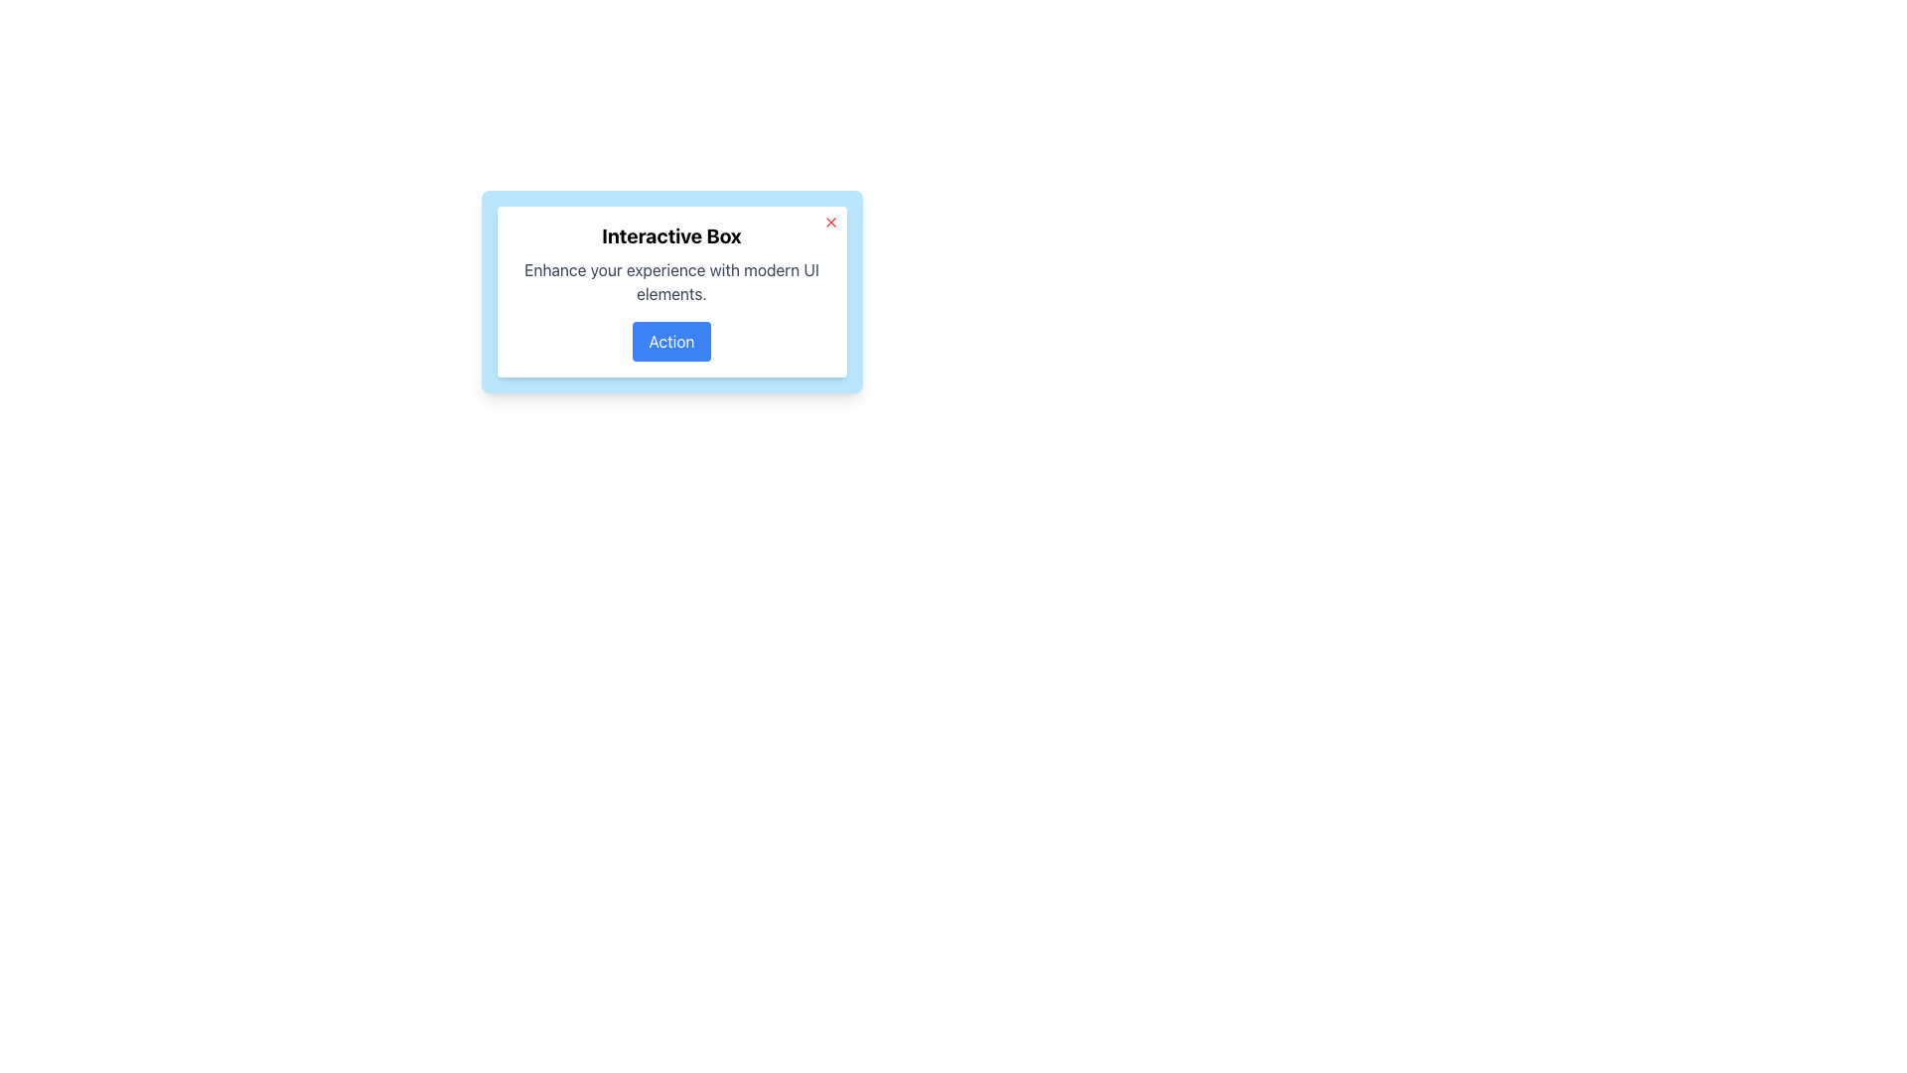 The height and width of the screenshot is (1073, 1907). I want to click on the action trigger button located at the bottom of the 'Interactive Box' dialog, below the 'Enhance your experience with modern UI elements.' line, so click(671, 340).